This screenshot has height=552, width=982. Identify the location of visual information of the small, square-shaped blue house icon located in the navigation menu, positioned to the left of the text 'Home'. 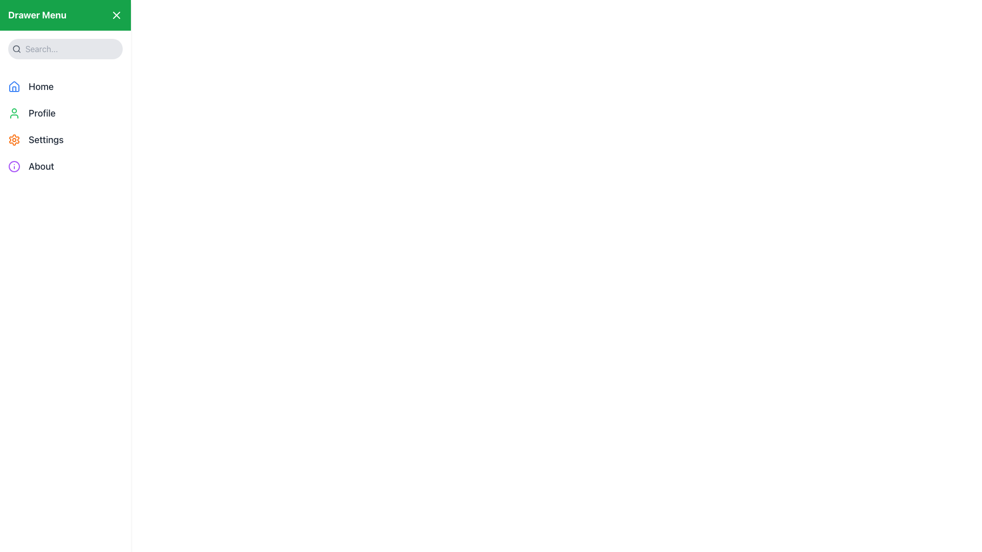
(14, 86).